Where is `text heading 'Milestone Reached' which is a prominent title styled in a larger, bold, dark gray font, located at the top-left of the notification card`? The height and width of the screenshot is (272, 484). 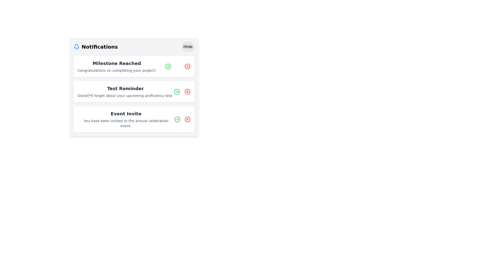
text heading 'Milestone Reached' which is a prominent title styled in a larger, bold, dark gray font, located at the top-left of the notification card is located at coordinates (116, 63).